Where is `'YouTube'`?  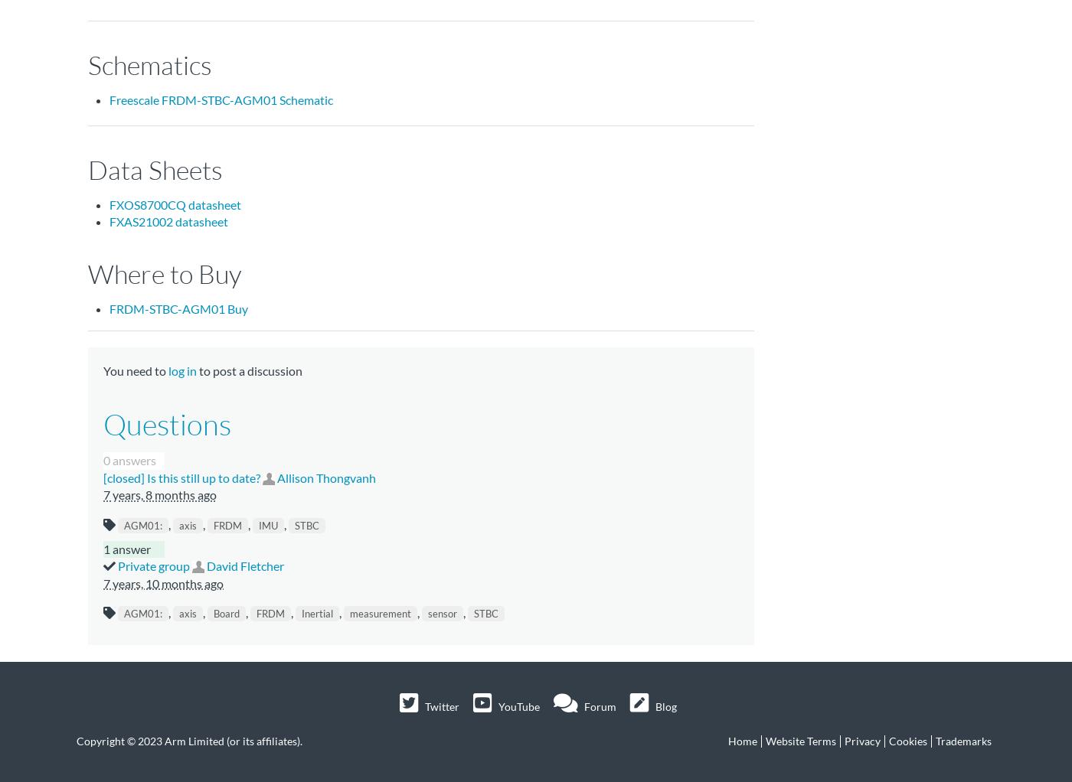
'YouTube' is located at coordinates (498, 705).